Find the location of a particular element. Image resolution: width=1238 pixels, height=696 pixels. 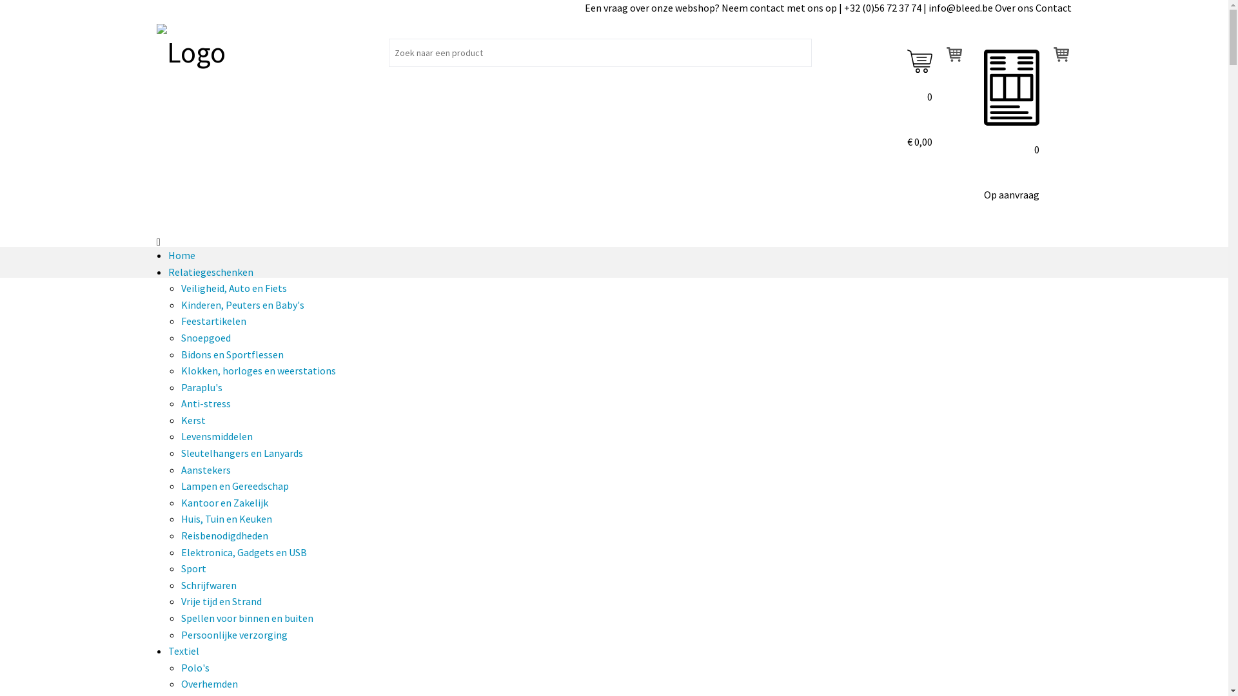

'Overhemden' is located at coordinates (210, 682).